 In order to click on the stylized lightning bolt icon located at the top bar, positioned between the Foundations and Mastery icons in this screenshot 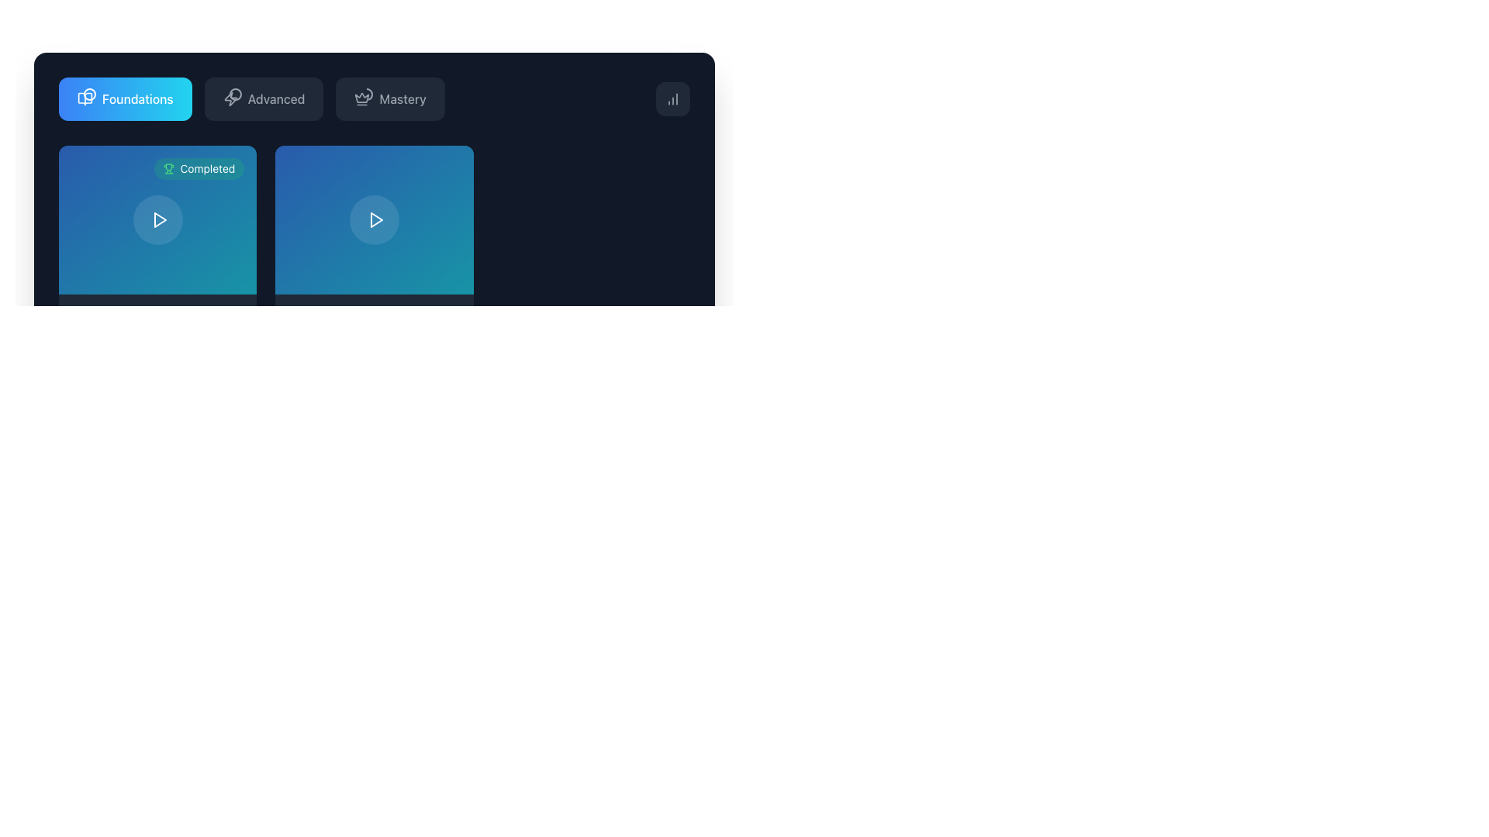, I will do `click(230, 98)`.